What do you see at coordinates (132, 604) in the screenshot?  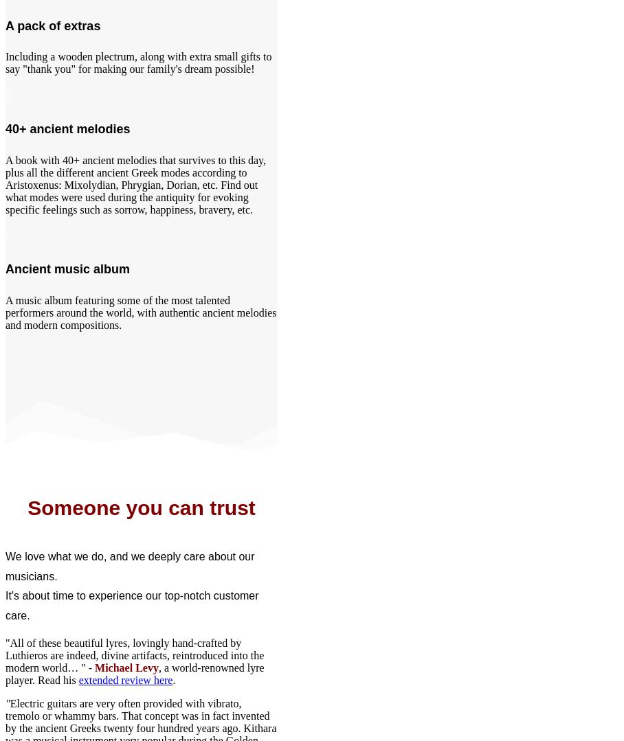 I see `'It's about time to experience our top-notch customer care.'` at bounding box center [132, 604].